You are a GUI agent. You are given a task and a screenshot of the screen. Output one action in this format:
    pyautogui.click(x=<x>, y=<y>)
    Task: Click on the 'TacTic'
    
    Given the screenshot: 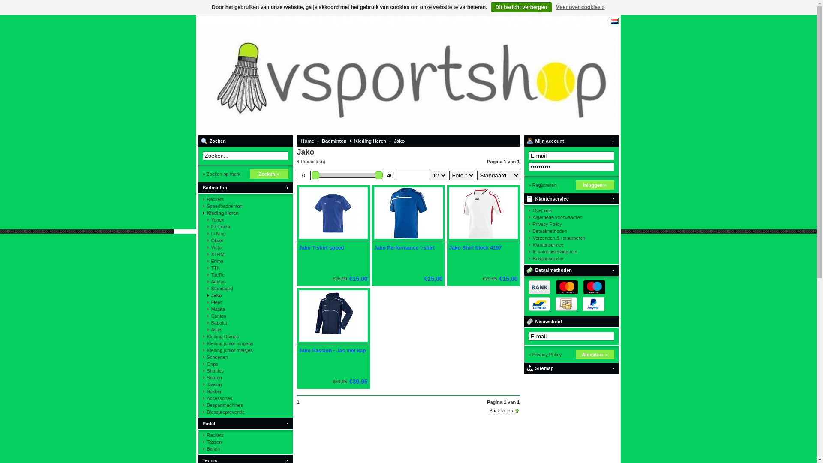 What is the action you would take?
    pyautogui.click(x=201, y=274)
    